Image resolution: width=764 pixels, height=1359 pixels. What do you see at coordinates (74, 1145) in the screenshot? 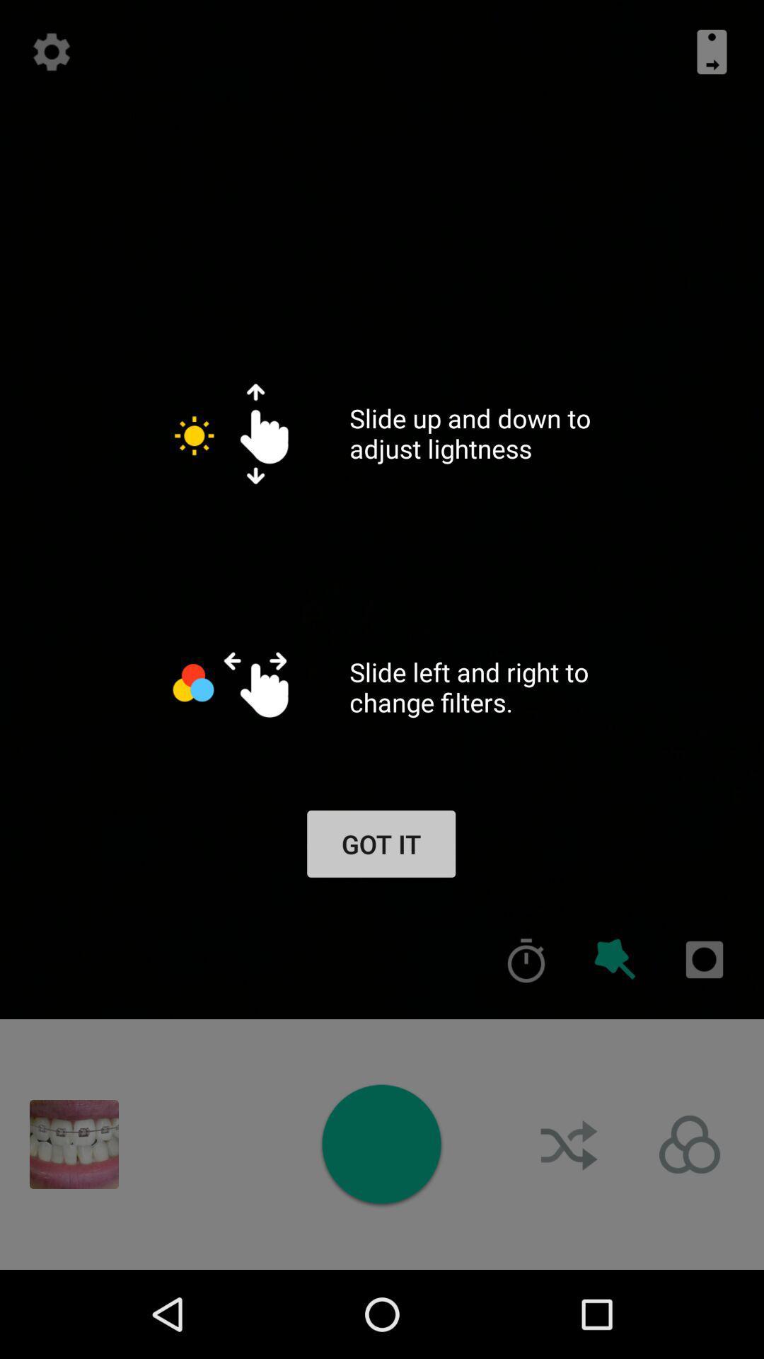
I see `the item at the bottom left corner` at bounding box center [74, 1145].